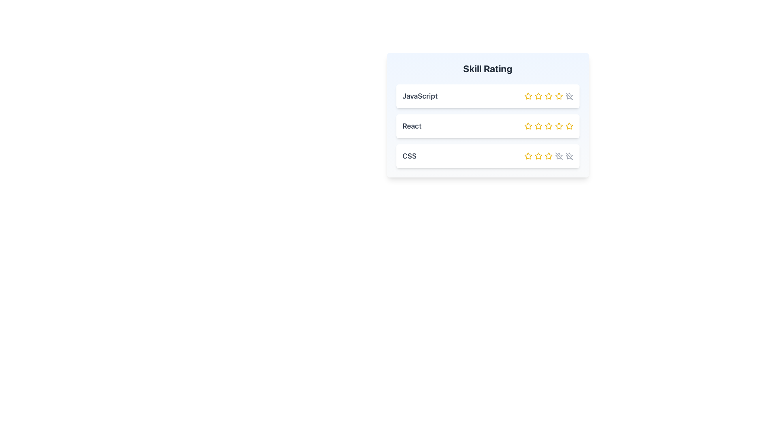 This screenshot has height=426, width=758. Describe the element at coordinates (409, 156) in the screenshot. I see `the 'CSS' text label, which is styled in bold and large dark gray font and is left-aligned in the third row of the skill rating table` at that location.